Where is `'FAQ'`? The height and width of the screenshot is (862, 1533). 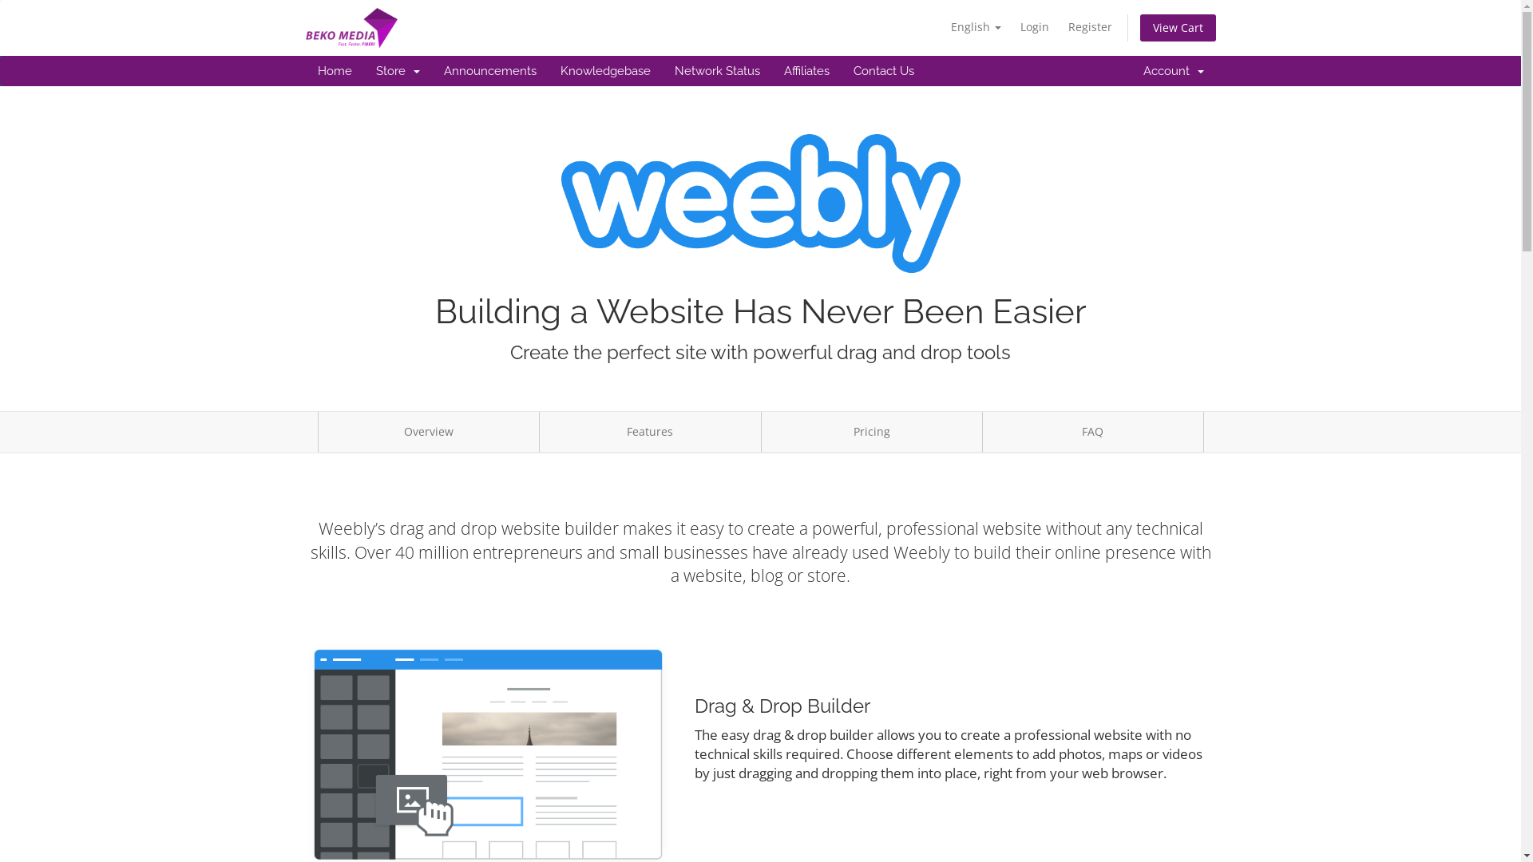 'FAQ' is located at coordinates (980, 432).